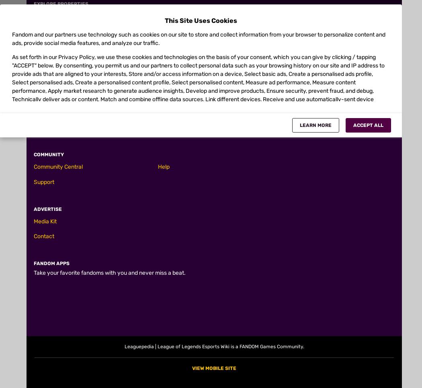 Image resolution: width=422 pixels, height=388 pixels. Describe the element at coordinates (191, 37) in the screenshot. I see `'Passive causes Akali’s next two attacks to heal and deal bonus damage. W teleports Akali to the cast location.'` at that location.